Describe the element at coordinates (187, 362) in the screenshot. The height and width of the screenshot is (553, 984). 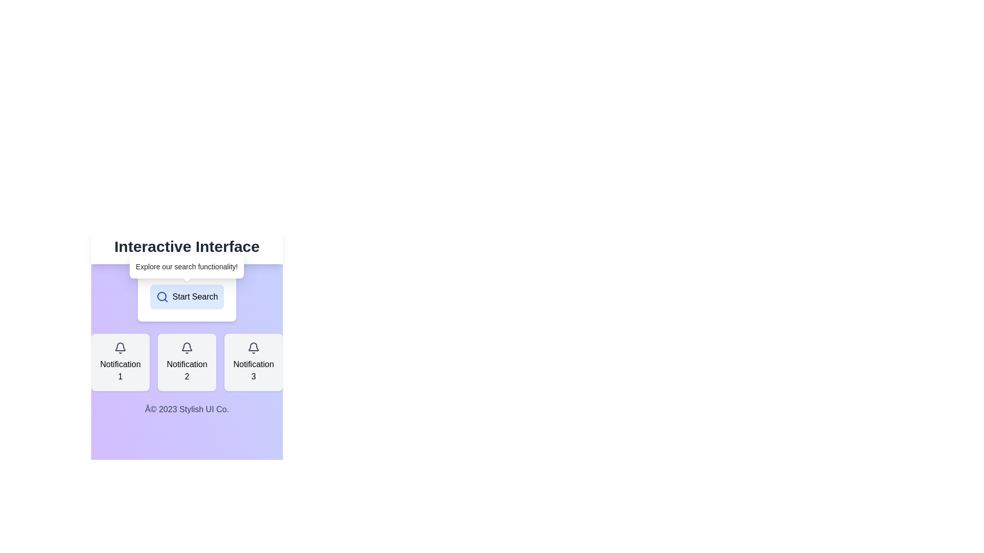
I see `the second notification card, which is styled with a rounded rectangle, contains a bell icon at the top center, and has the text 'Notification 2' below it` at that location.